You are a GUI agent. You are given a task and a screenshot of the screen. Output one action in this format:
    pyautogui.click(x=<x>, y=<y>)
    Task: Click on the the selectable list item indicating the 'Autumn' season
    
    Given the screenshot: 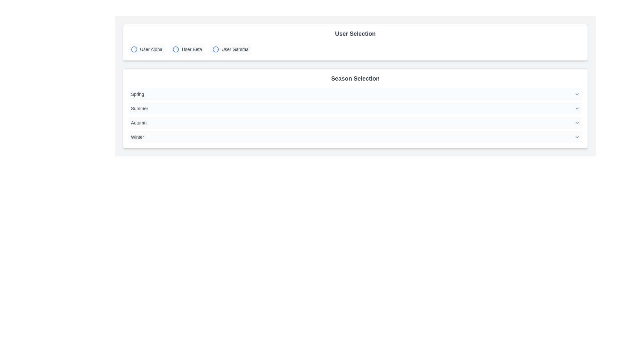 What is the action you would take?
    pyautogui.click(x=355, y=123)
    